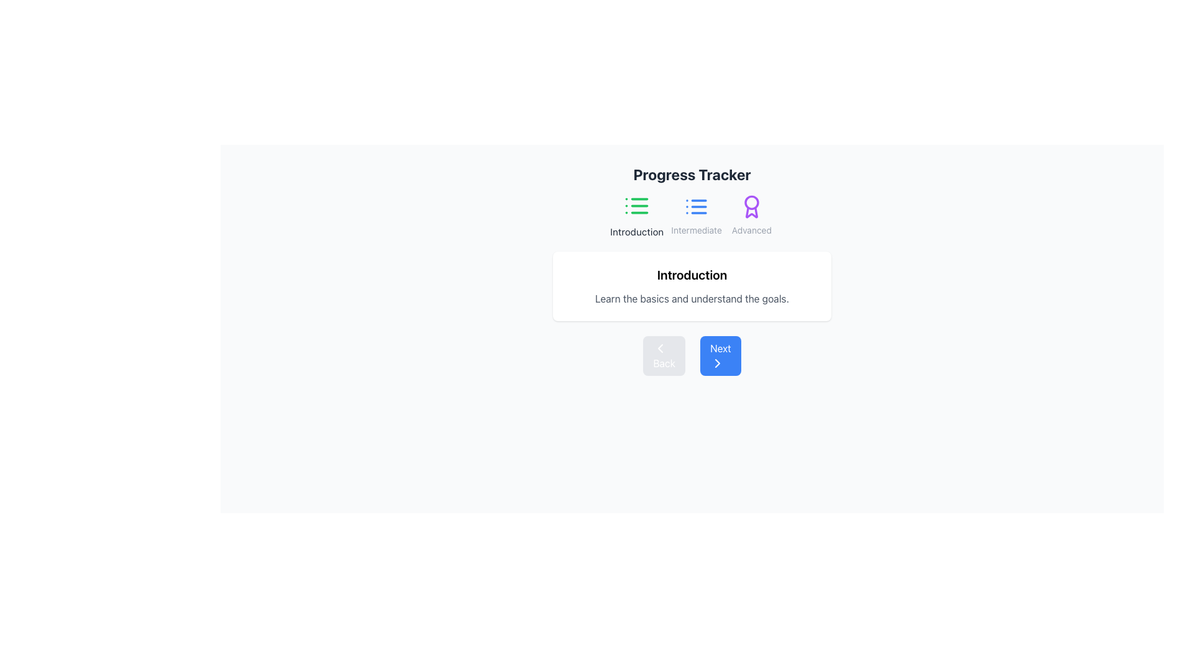 The height and width of the screenshot is (671, 1193). I want to click on the static text label reading 'Introduction', which is styled in a smaller font and located beneath a list icon, making it visually distinct against a light background, so click(637, 232).